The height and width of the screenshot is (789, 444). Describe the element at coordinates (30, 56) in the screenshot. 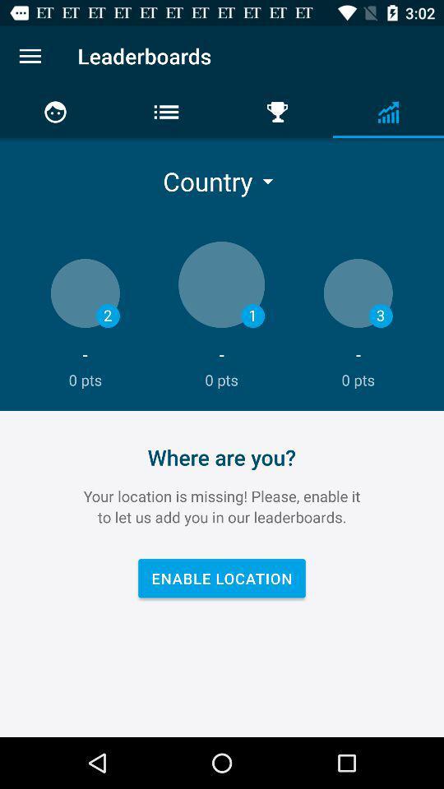

I see `click menu option` at that location.